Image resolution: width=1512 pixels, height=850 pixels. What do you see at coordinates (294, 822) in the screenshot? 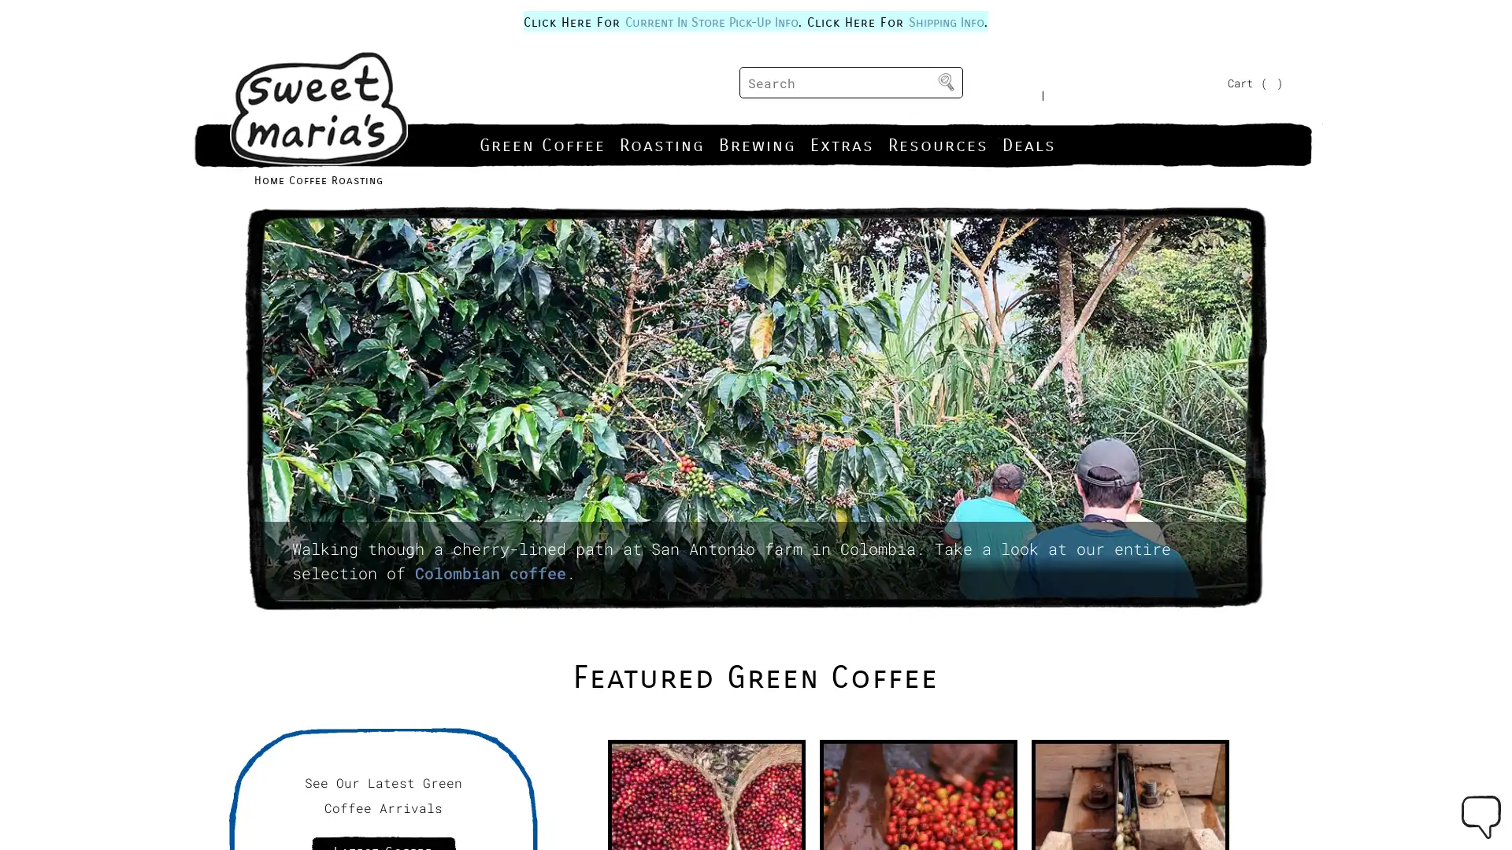
I see `Allow Cookies` at bounding box center [294, 822].